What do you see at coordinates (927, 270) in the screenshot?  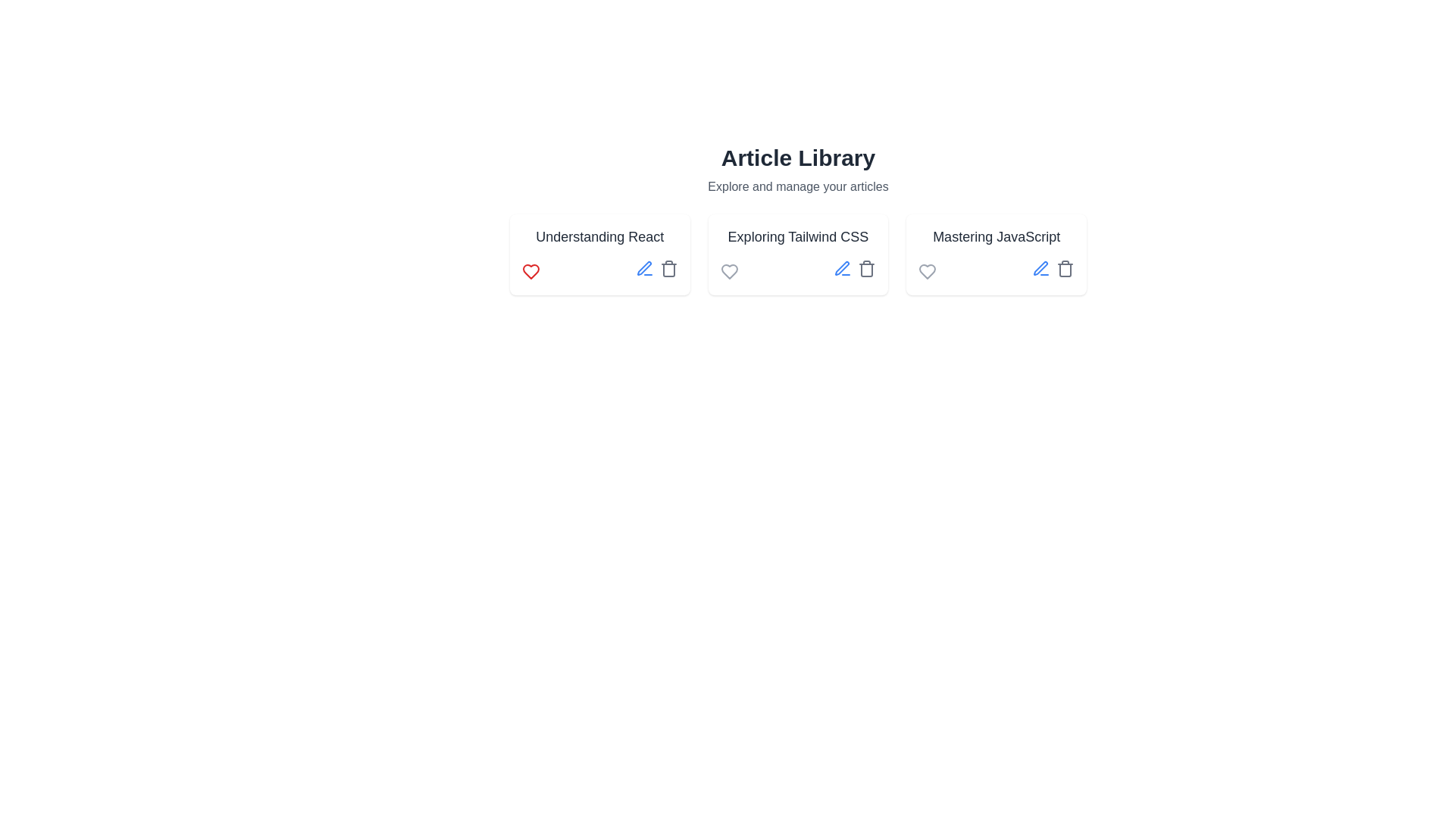 I see `the heart icon button in the row for the article 'Mastering JavaScript'` at bounding box center [927, 270].